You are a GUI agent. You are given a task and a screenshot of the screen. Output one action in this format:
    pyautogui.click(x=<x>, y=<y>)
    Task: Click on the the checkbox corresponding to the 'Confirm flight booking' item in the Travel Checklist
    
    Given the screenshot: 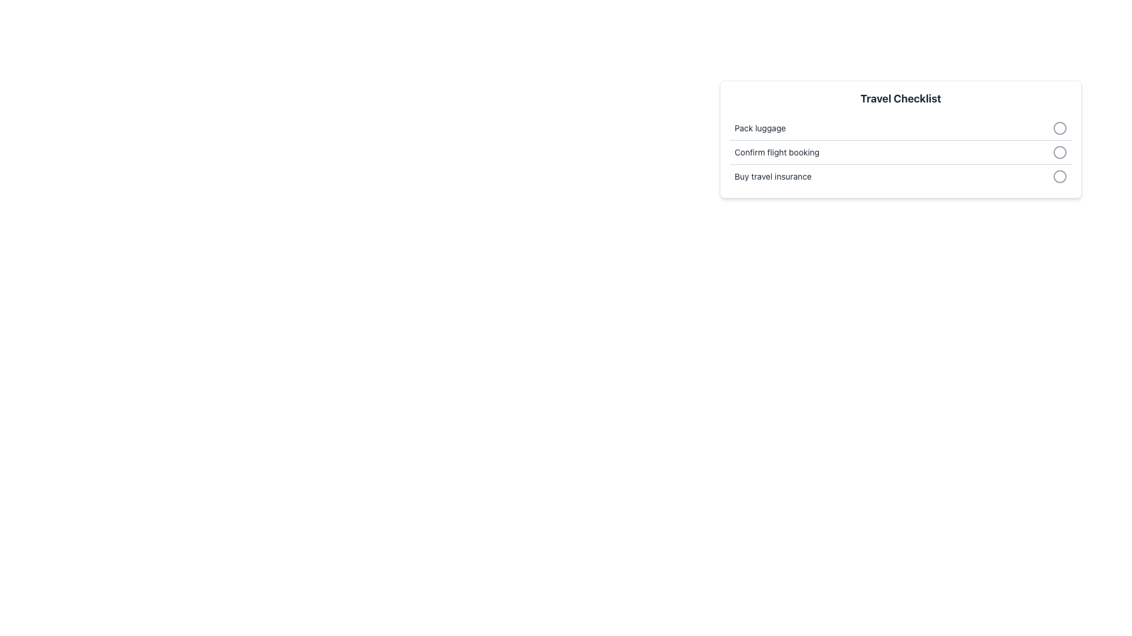 What is the action you would take?
    pyautogui.click(x=900, y=151)
    